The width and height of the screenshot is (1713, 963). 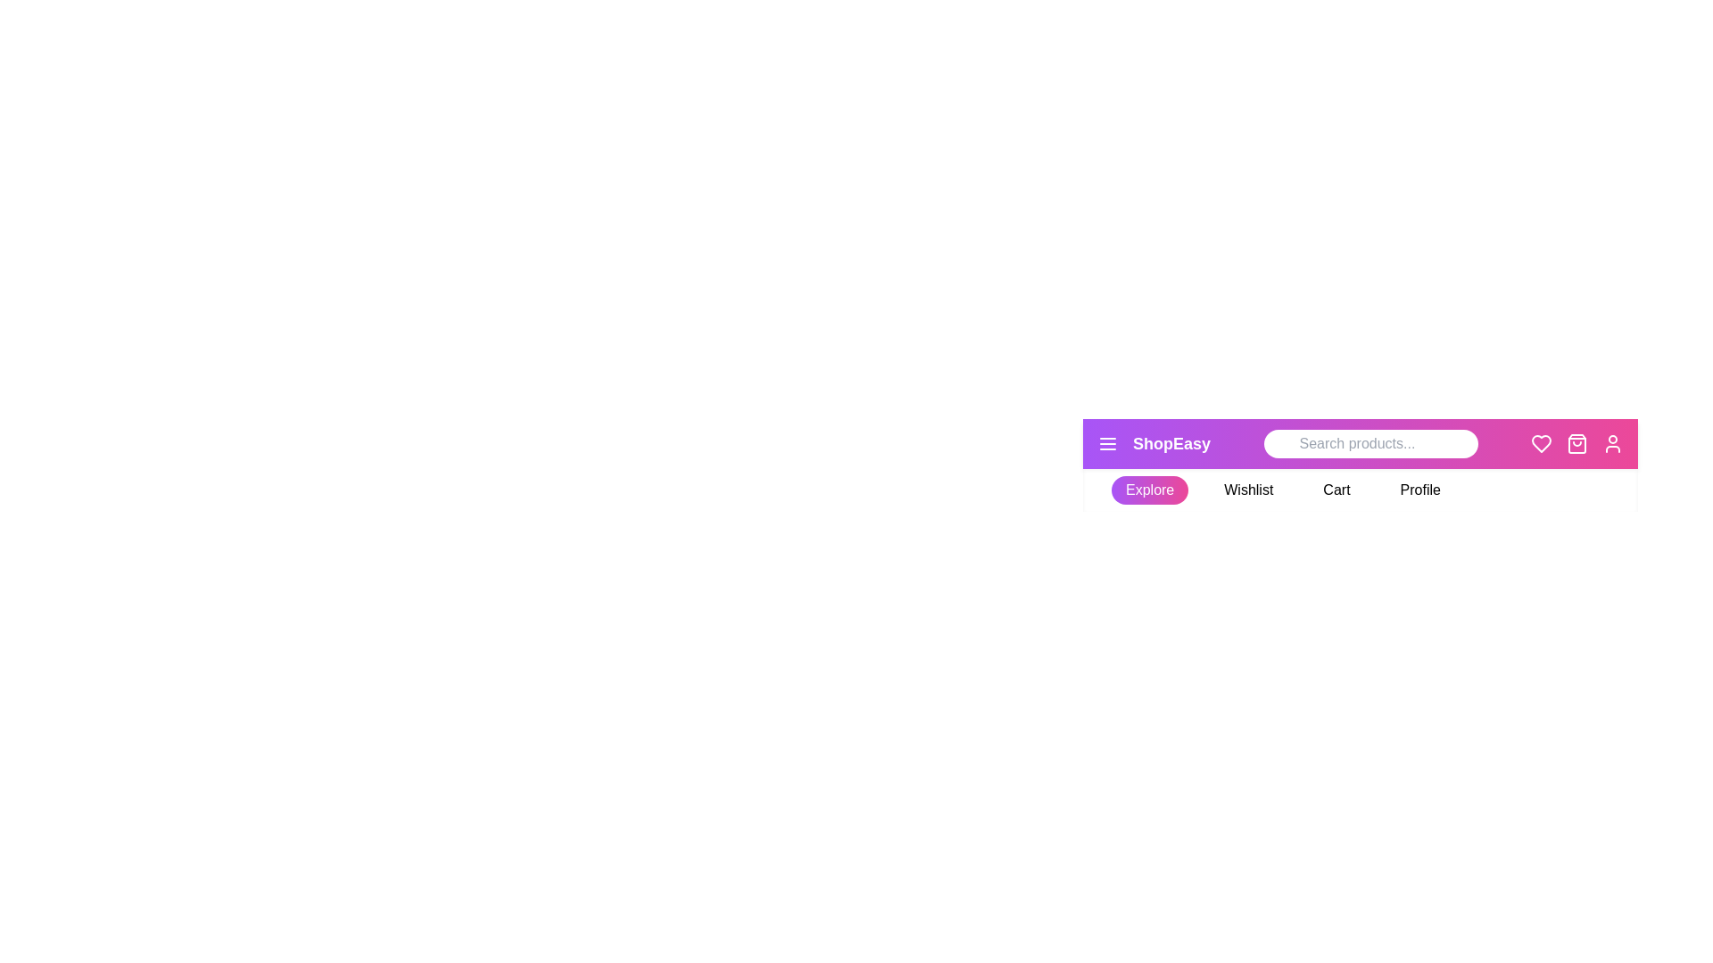 I want to click on the shopping bag icon, so click(x=1576, y=442).